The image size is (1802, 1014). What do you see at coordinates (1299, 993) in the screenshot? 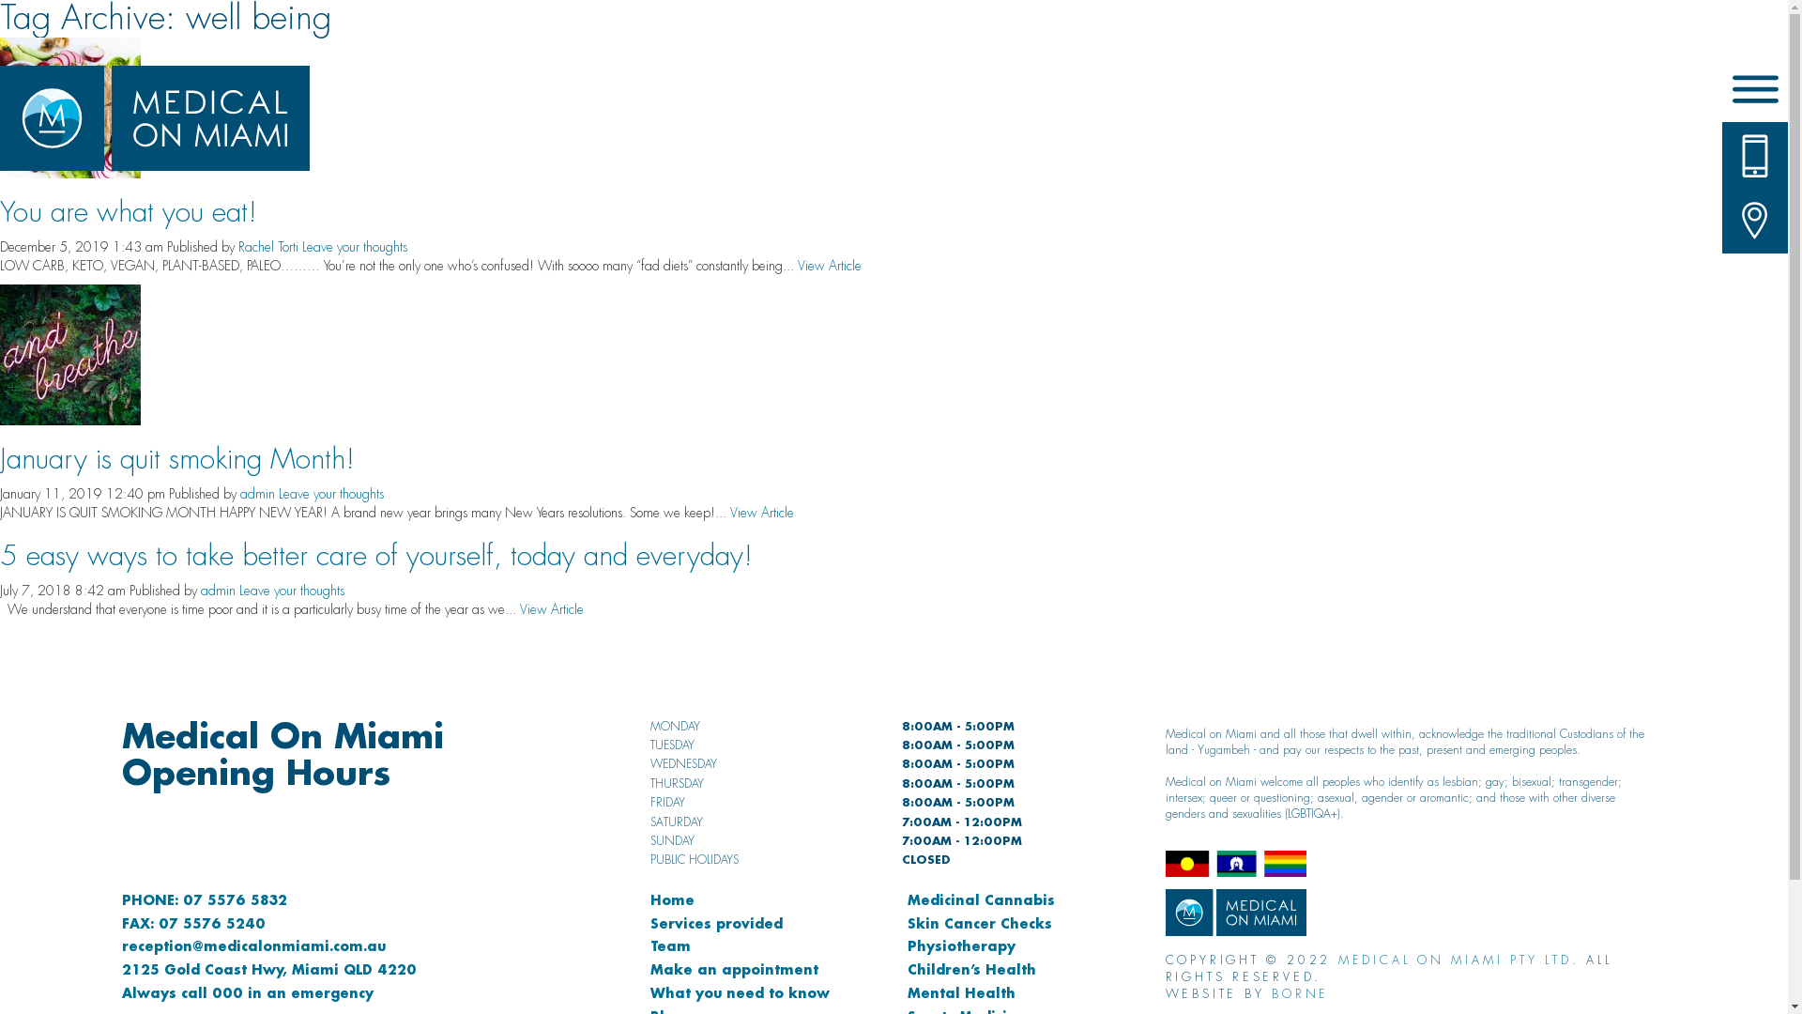
I see `'BORNE'` at bounding box center [1299, 993].